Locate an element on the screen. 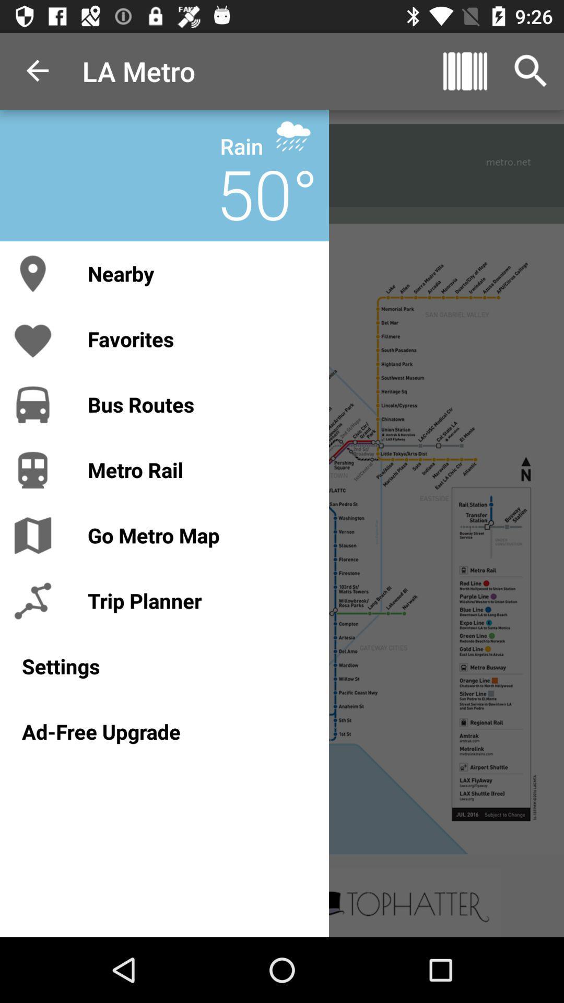 This screenshot has width=564, height=1003. ad-free upgrade icon is located at coordinates (164, 731).